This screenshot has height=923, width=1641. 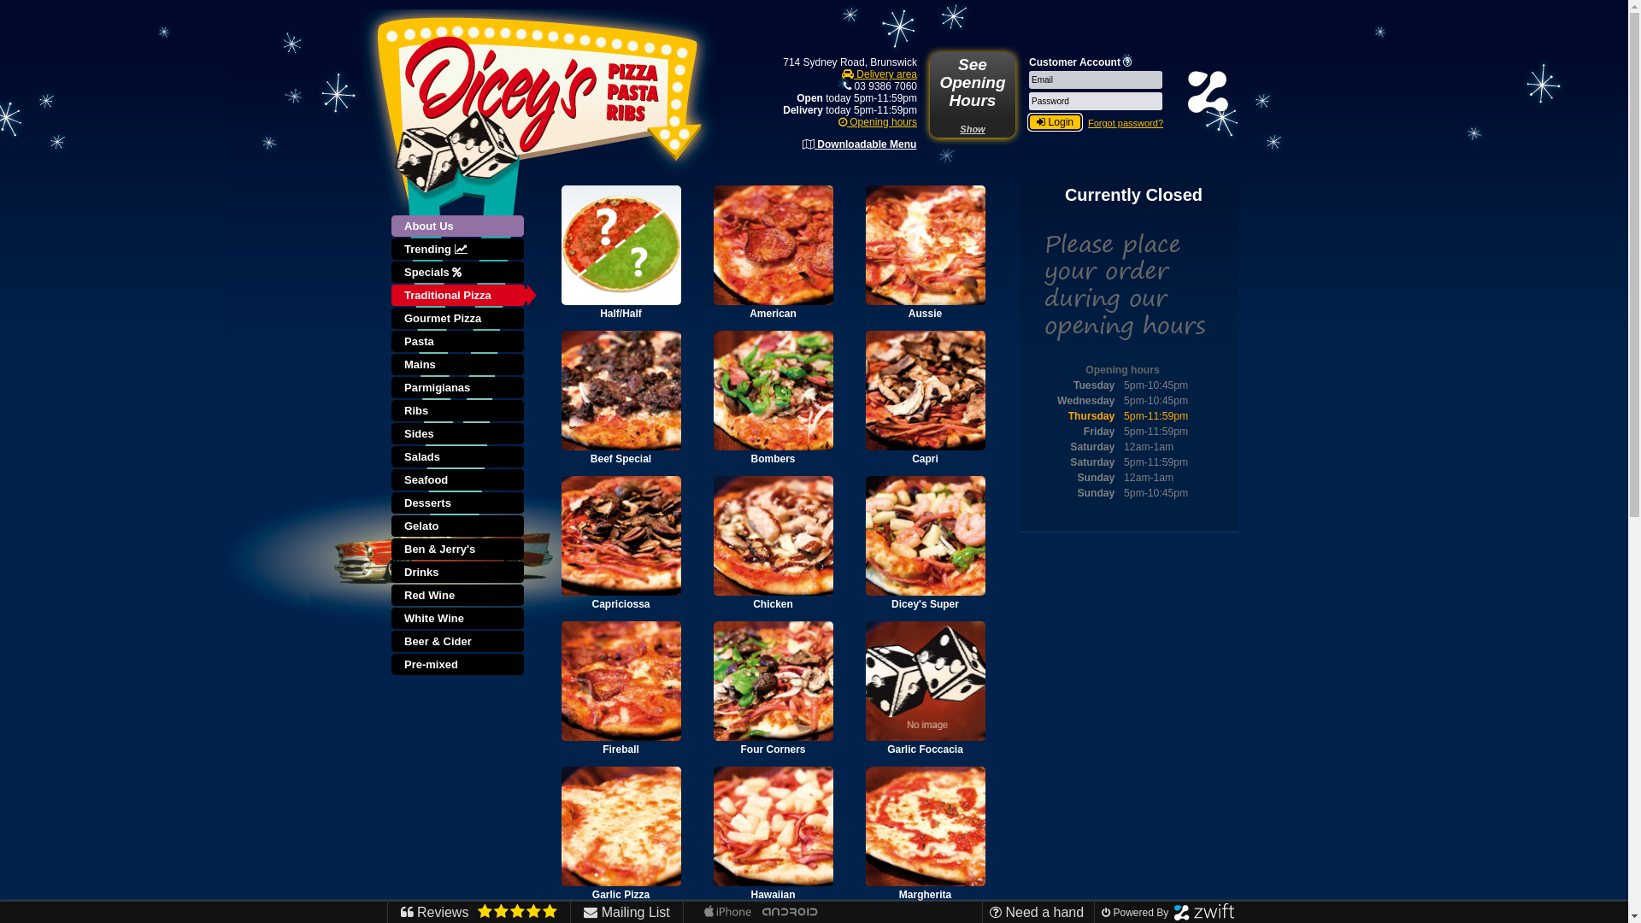 What do you see at coordinates (390, 364) in the screenshot?
I see `'Mains'` at bounding box center [390, 364].